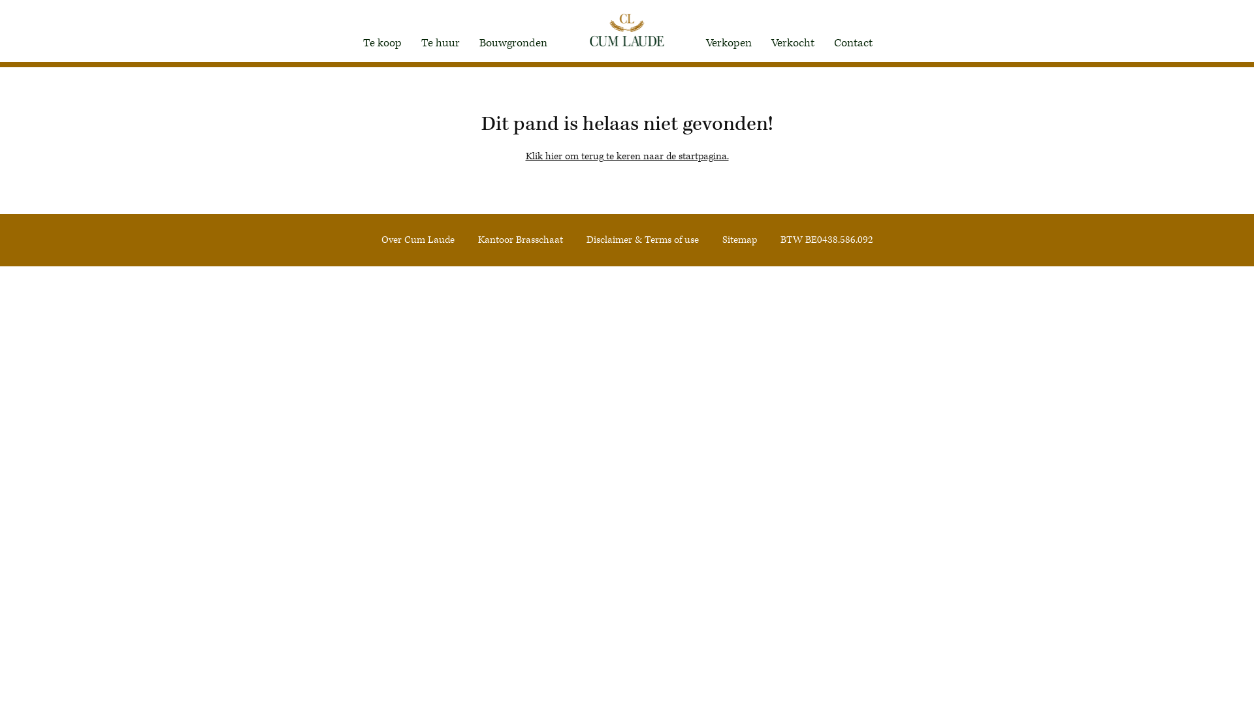  I want to click on 'Te huur', so click(412, 42).